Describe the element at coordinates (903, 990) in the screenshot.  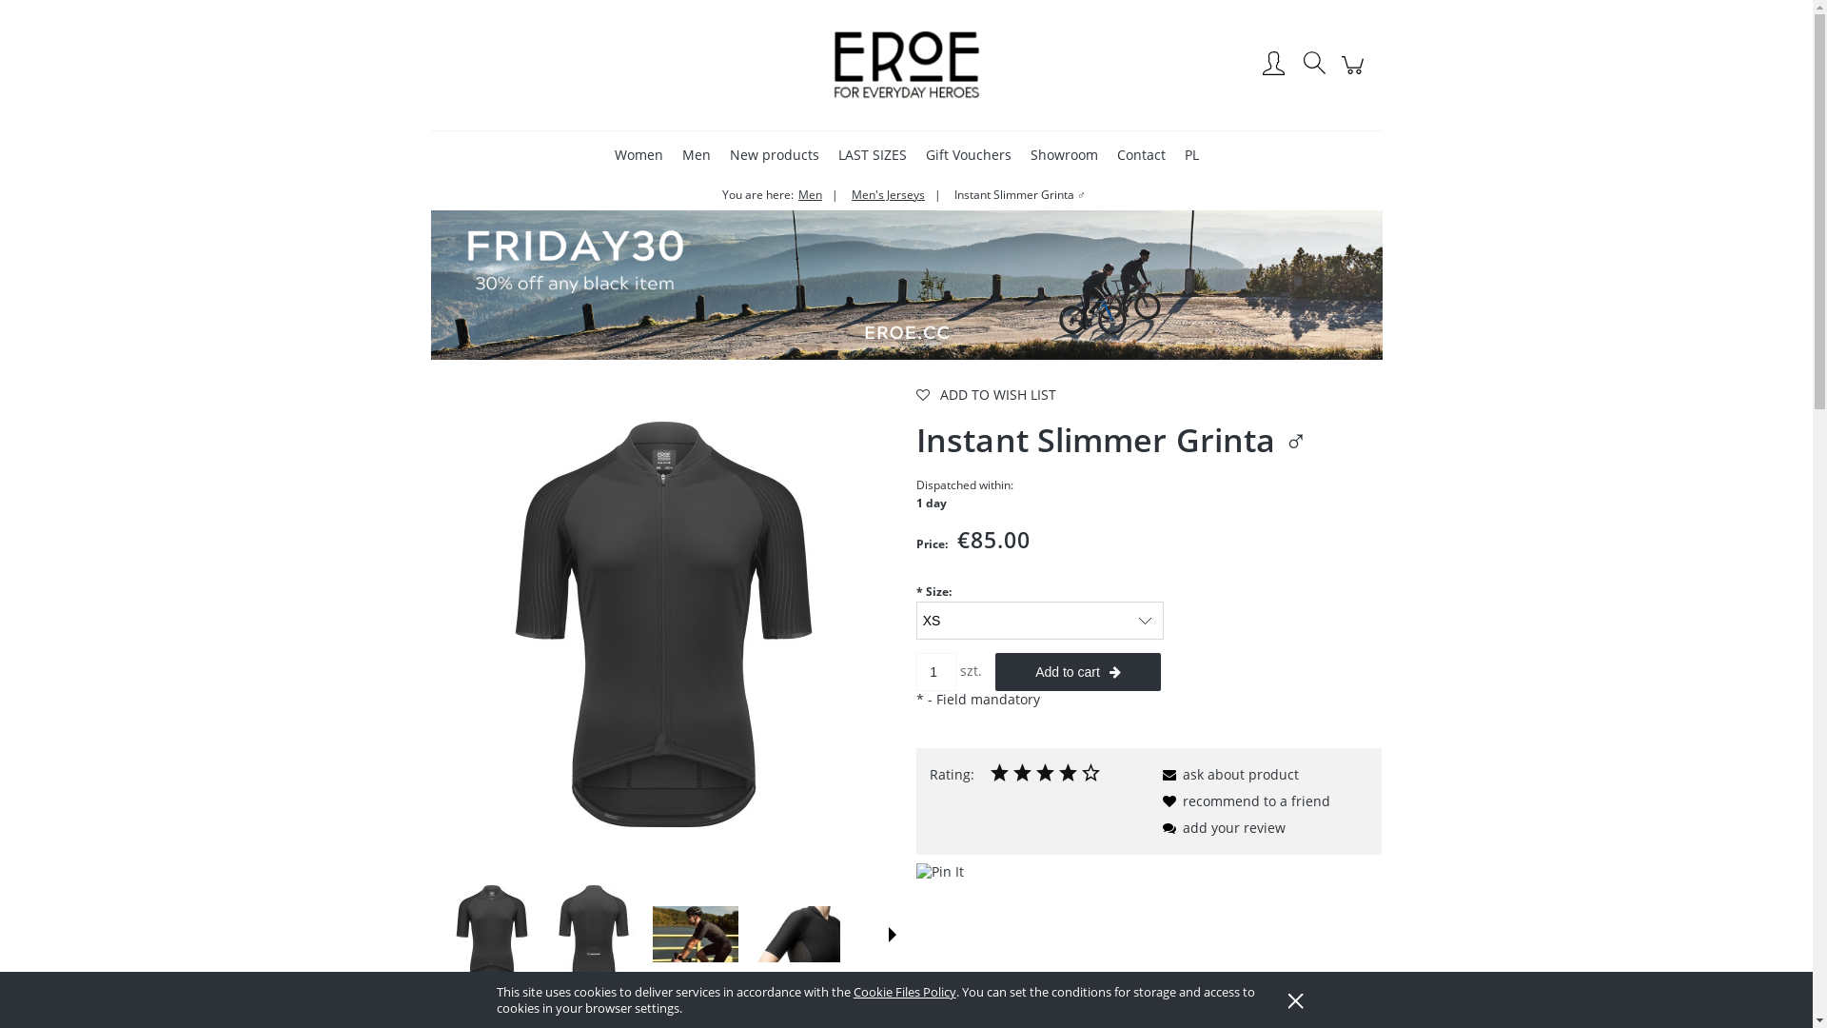
I see `'Cookie Files Policy'` at that location.